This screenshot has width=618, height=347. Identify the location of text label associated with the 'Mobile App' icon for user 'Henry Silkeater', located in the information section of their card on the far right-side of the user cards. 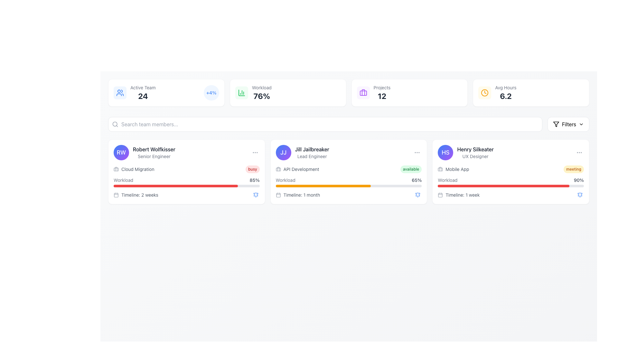
(453, 169).